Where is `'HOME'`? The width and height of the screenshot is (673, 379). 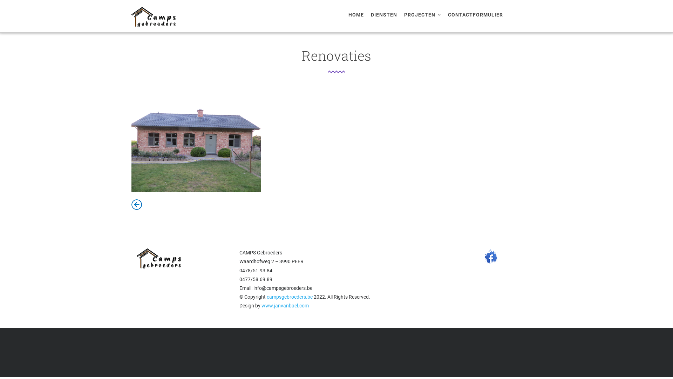 'HOME' is located at coordinates (356, 15).